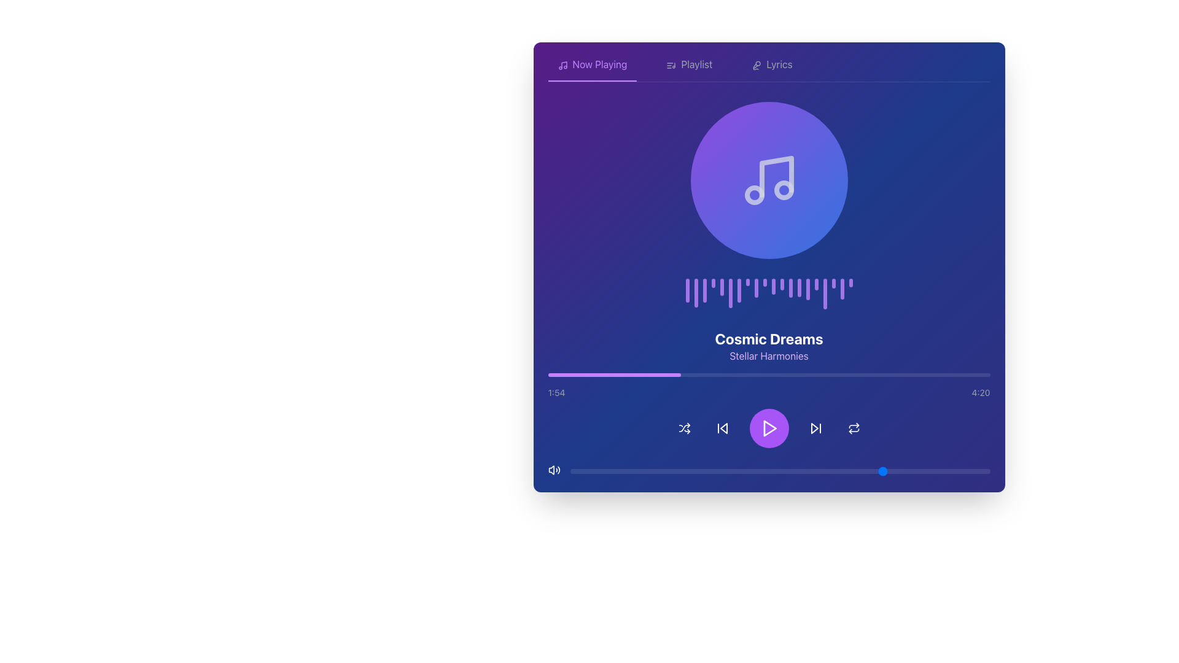 This screenshot has height=663, width=1179. I want to click on the thirteenth vertical bar in the graphical visualization sequence that represents data or progress, so click(790, 288).